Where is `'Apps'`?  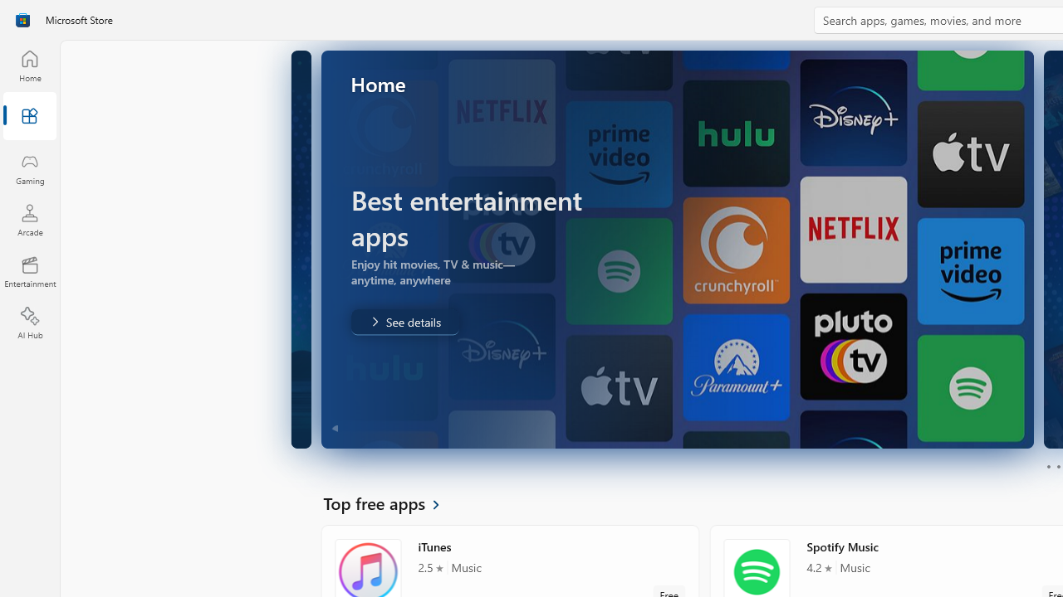 'Apps' is located at coordinates (29, 116).